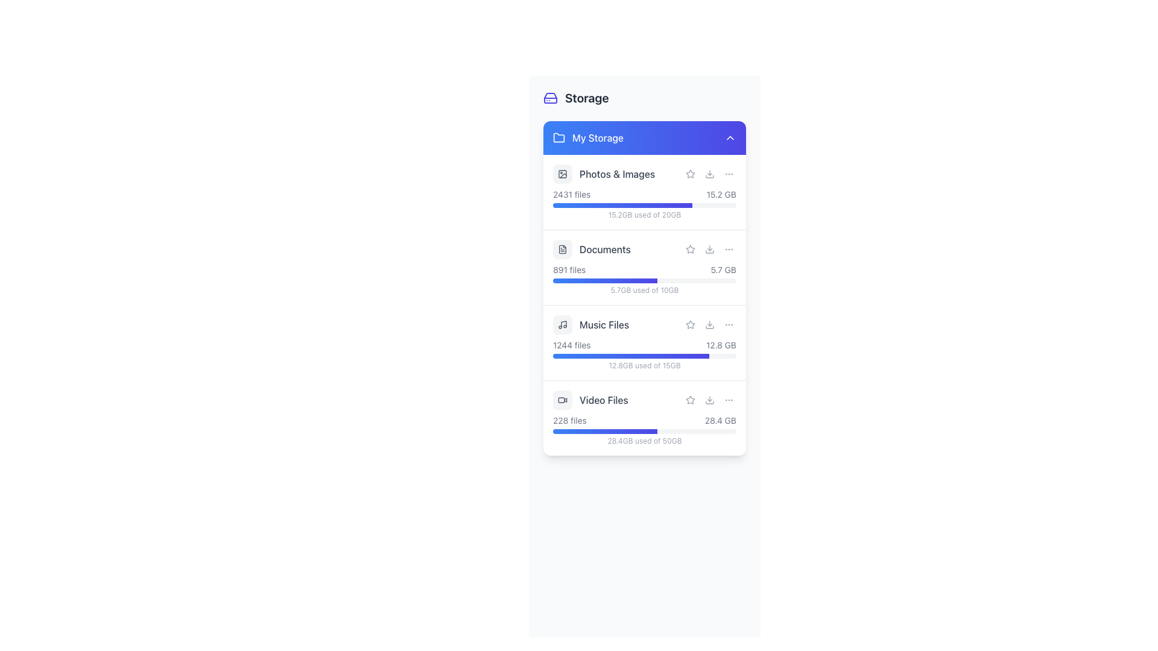  Describe the element at coordinates (709, 248) in the screenshot. I see `the download icon button located to the far right of the 'Documents' entry in the storage list to observe hover effects` at that location.